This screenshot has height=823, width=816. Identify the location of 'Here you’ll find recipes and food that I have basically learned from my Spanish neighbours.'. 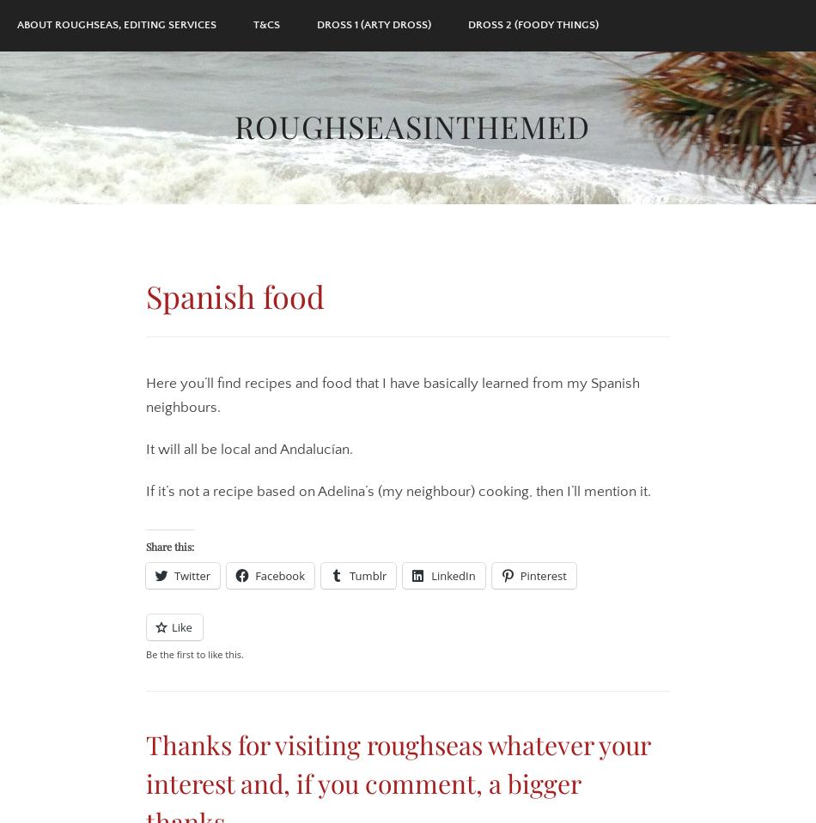
(145, 394).